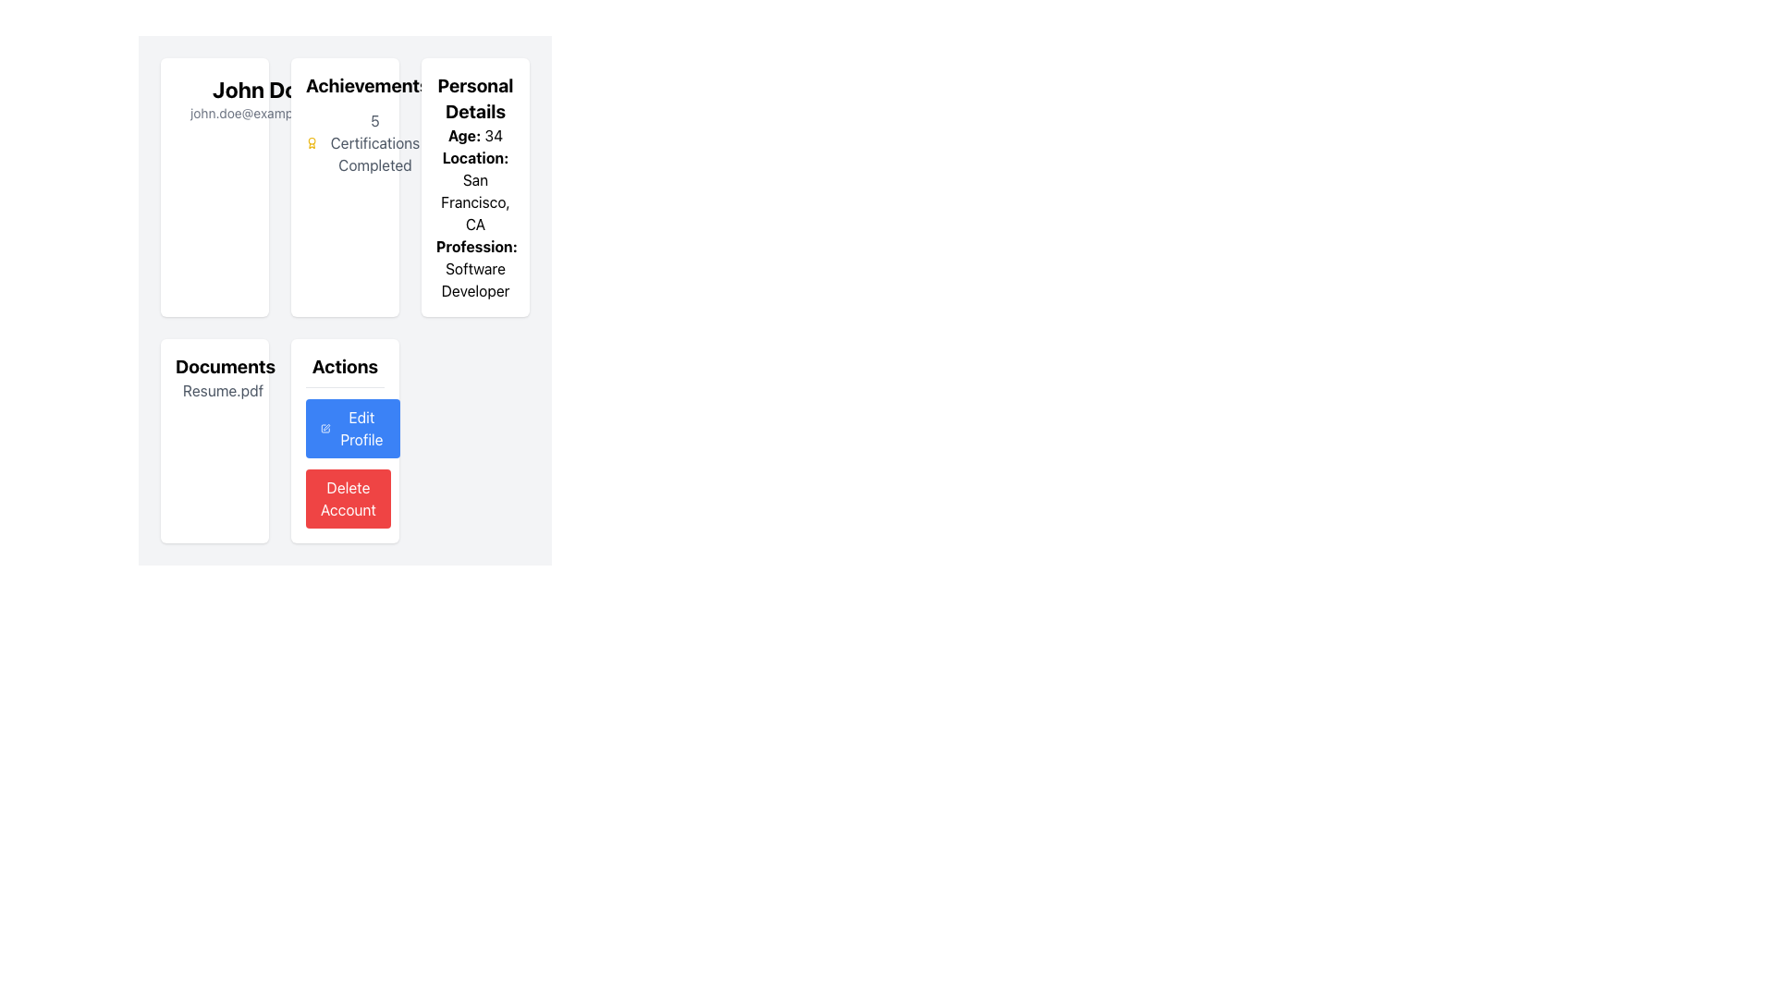 The height and width of the screenshot is (998, 1775). I want to click on text label within the button-like component located in the 'Actions' section, specifically the second element below the 'Edit Profile' button, so click(348, 499).